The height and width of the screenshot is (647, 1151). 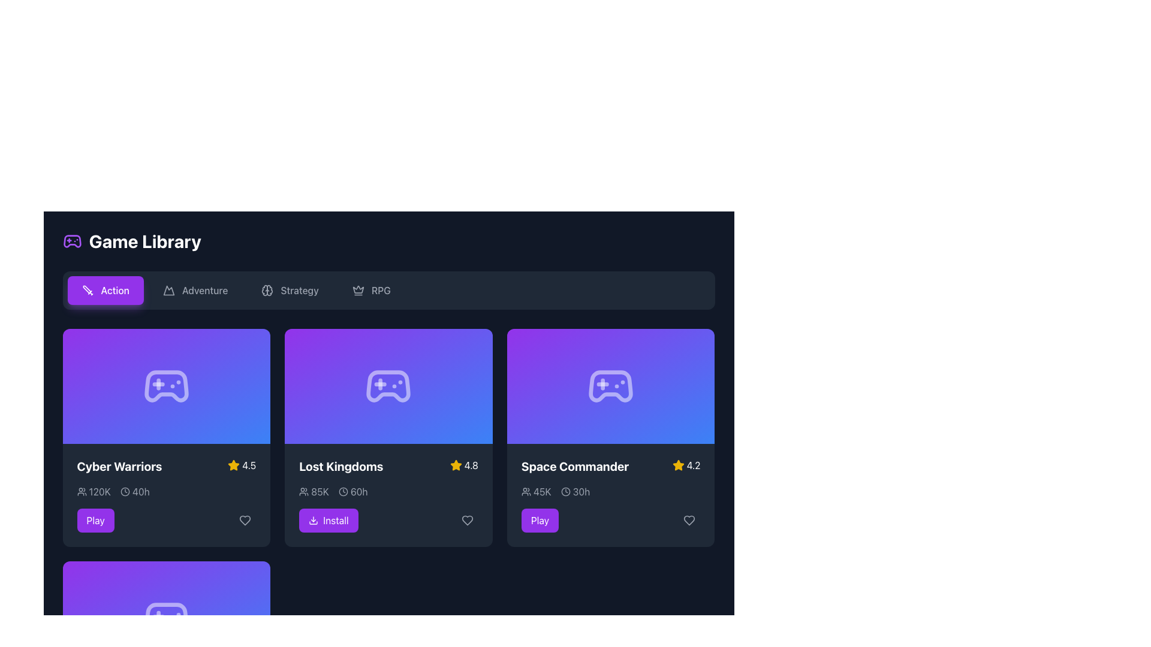 I want to click on text label displaying '60h' styled with a light-gray font, located in the middle section of the interface within the 'Lost Kingdoms' card, so click(x=358, y=492).